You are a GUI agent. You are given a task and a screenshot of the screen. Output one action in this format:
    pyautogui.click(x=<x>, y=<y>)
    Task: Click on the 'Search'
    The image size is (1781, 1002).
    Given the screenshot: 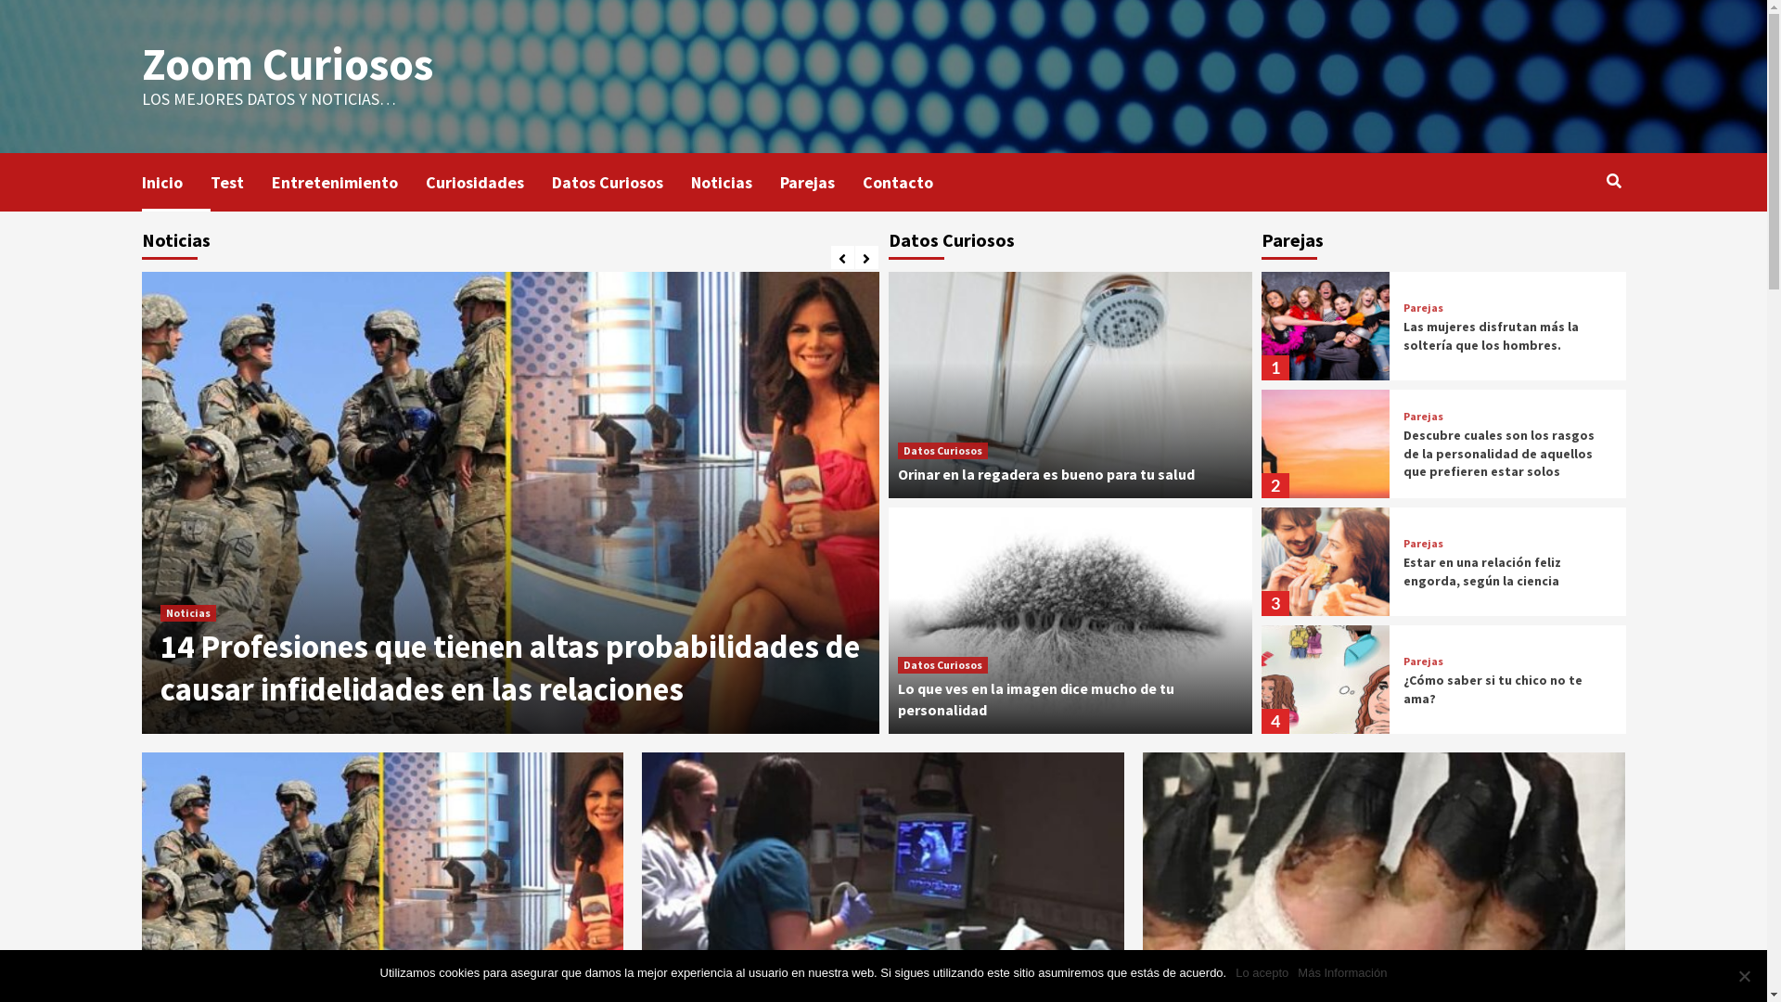 What is the action you would take?
    pyautogui.click(x=1602, y=181)
    